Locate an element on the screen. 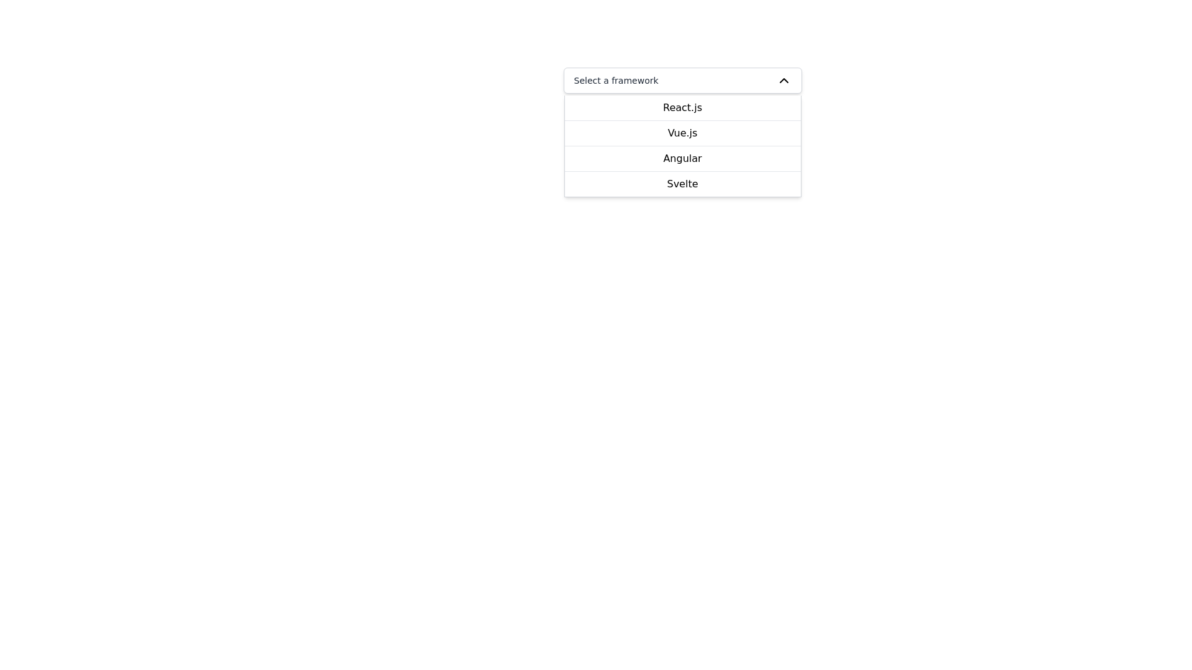 This screenshot has width=1192, height=670. the first option in the dropdown menu is located at coordinates (682, 107).